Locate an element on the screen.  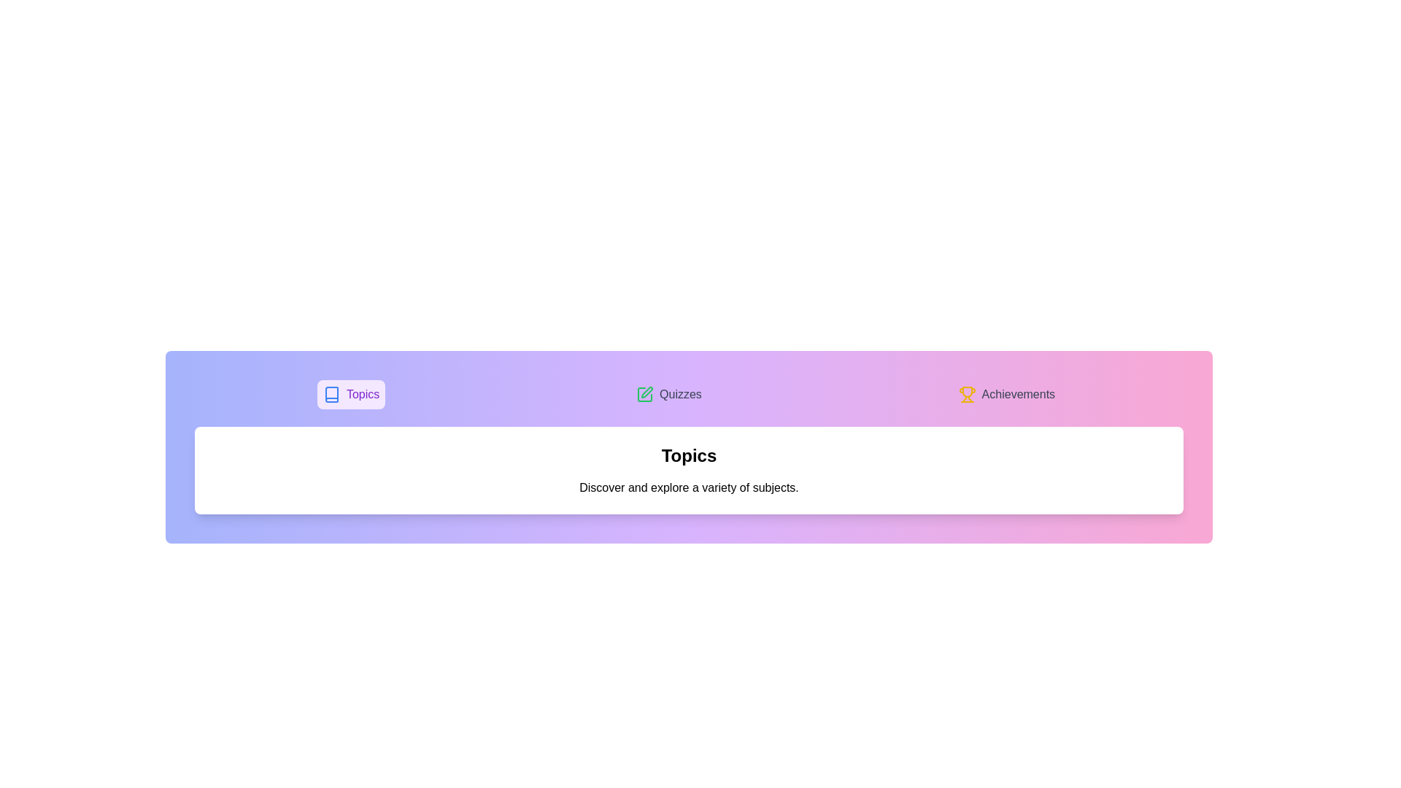
the Quizzes tab to switch the active content view is located at coordinates (668, 394).